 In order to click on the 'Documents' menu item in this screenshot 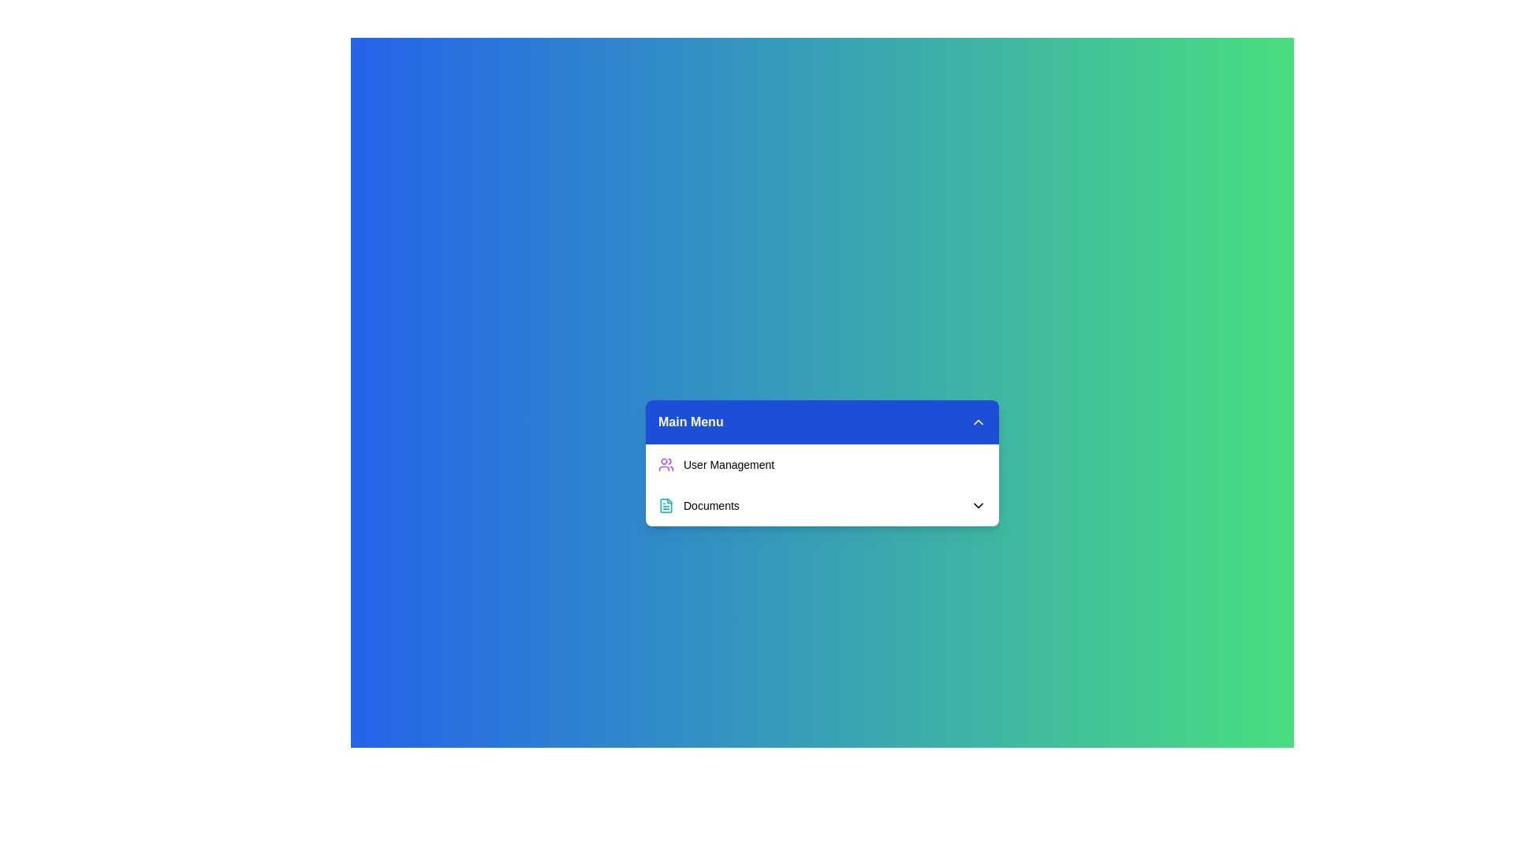, I will do `click(698, 505)`.